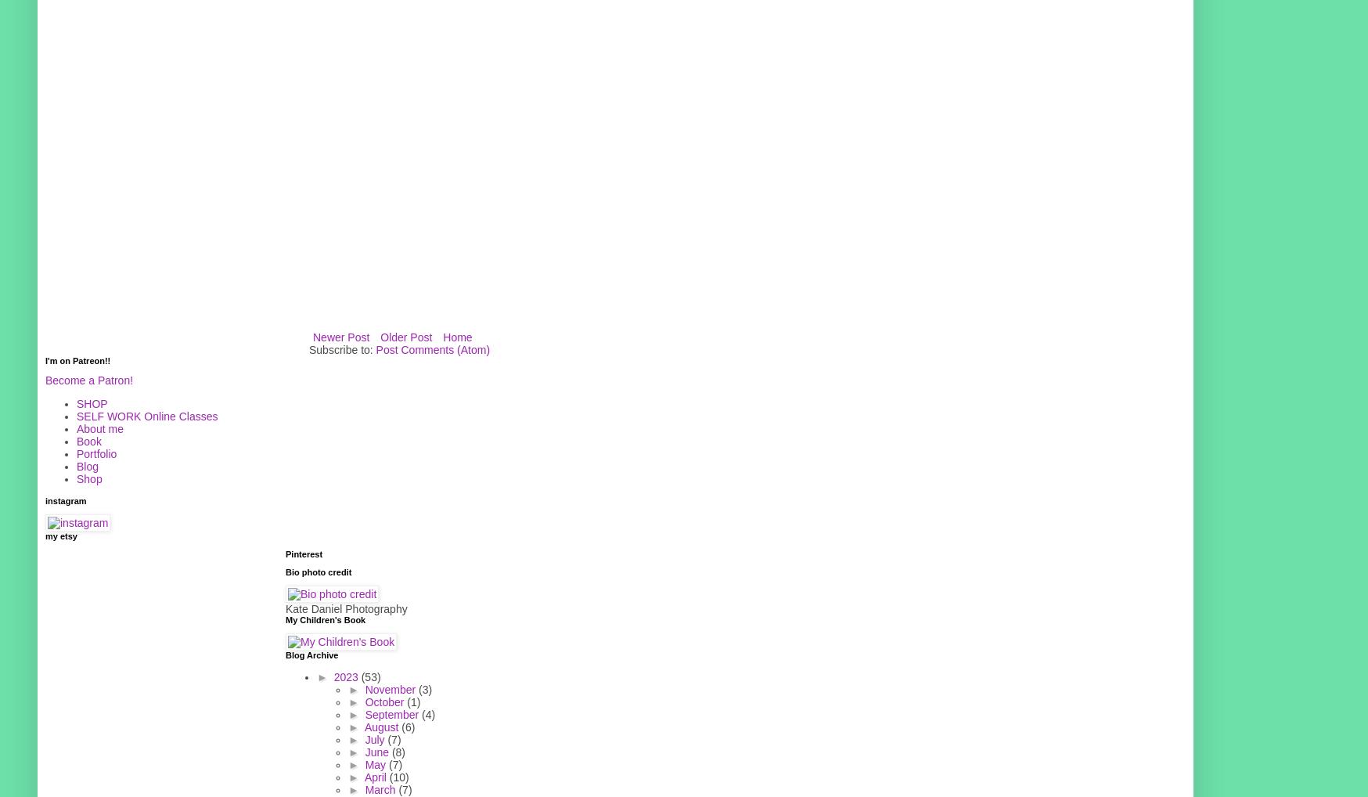 This screenshot has width=1368, height=797. I want to click on 'Portfolio', so click(96, 453).